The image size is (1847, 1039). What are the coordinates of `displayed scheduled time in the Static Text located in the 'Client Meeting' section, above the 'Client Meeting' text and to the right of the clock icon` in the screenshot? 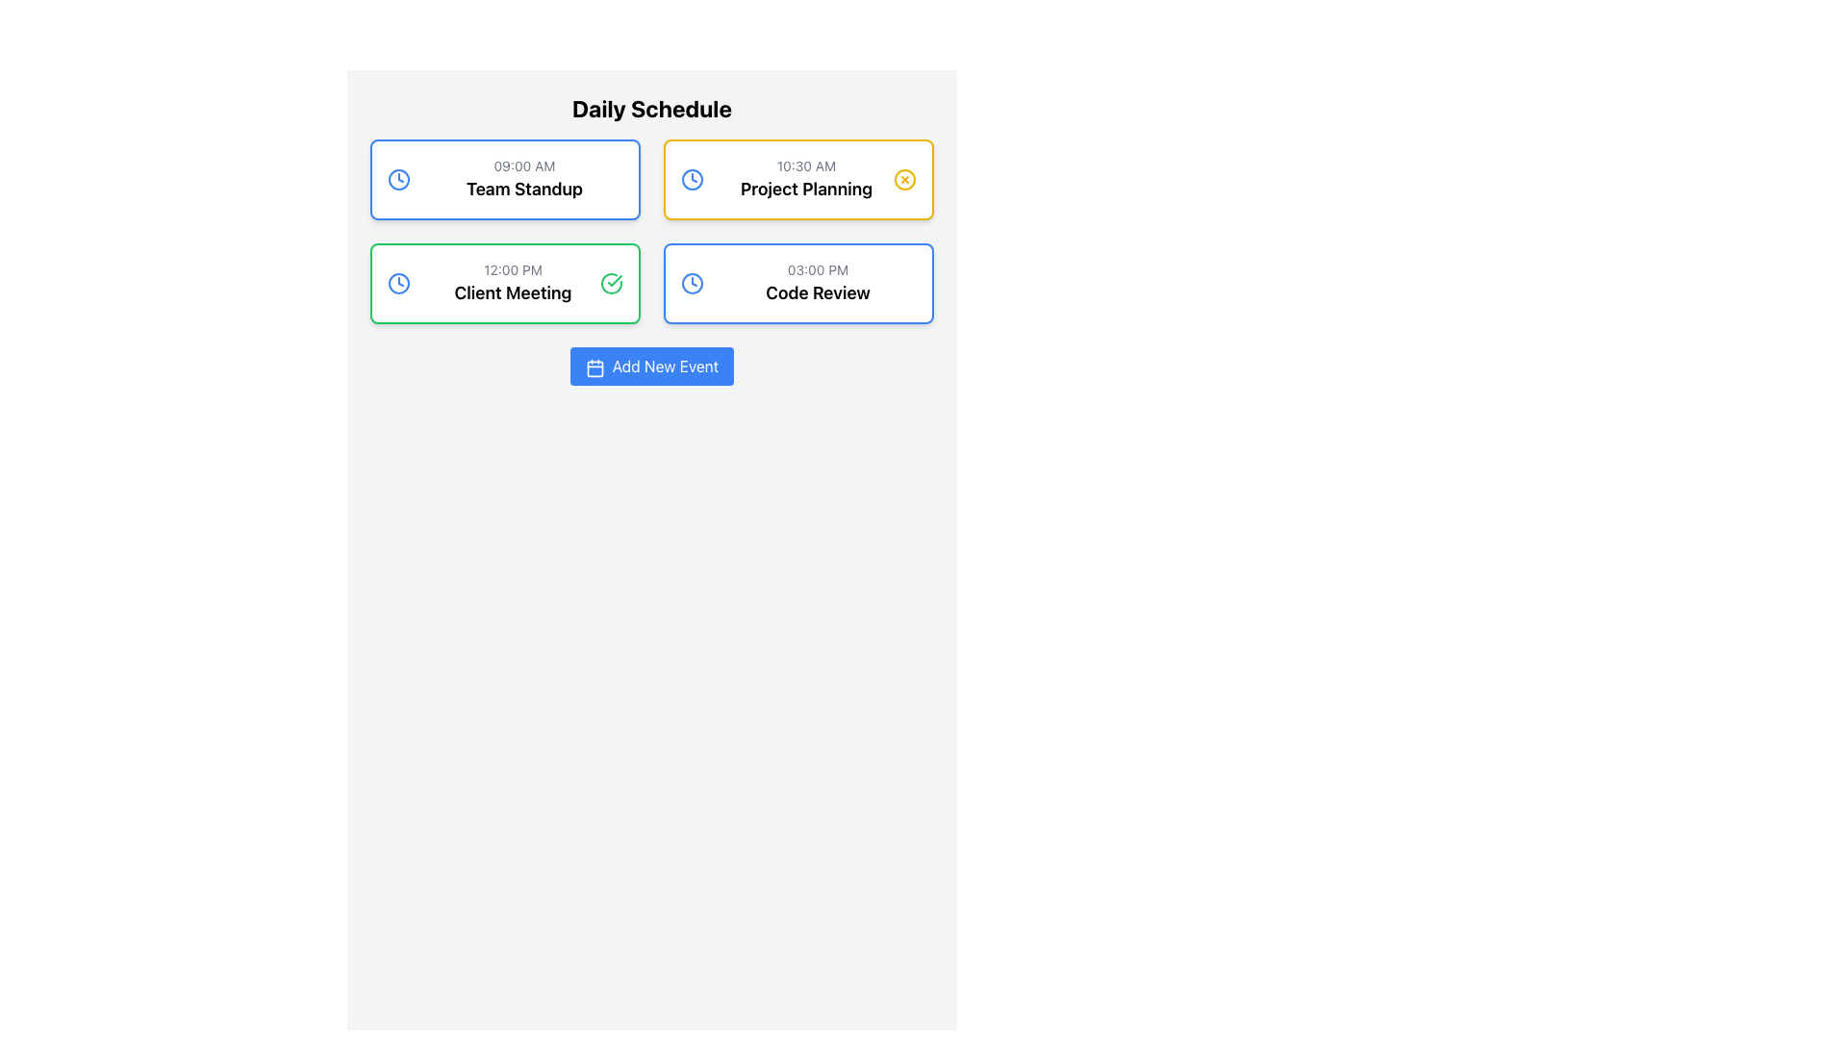 It's located at (513, 270).